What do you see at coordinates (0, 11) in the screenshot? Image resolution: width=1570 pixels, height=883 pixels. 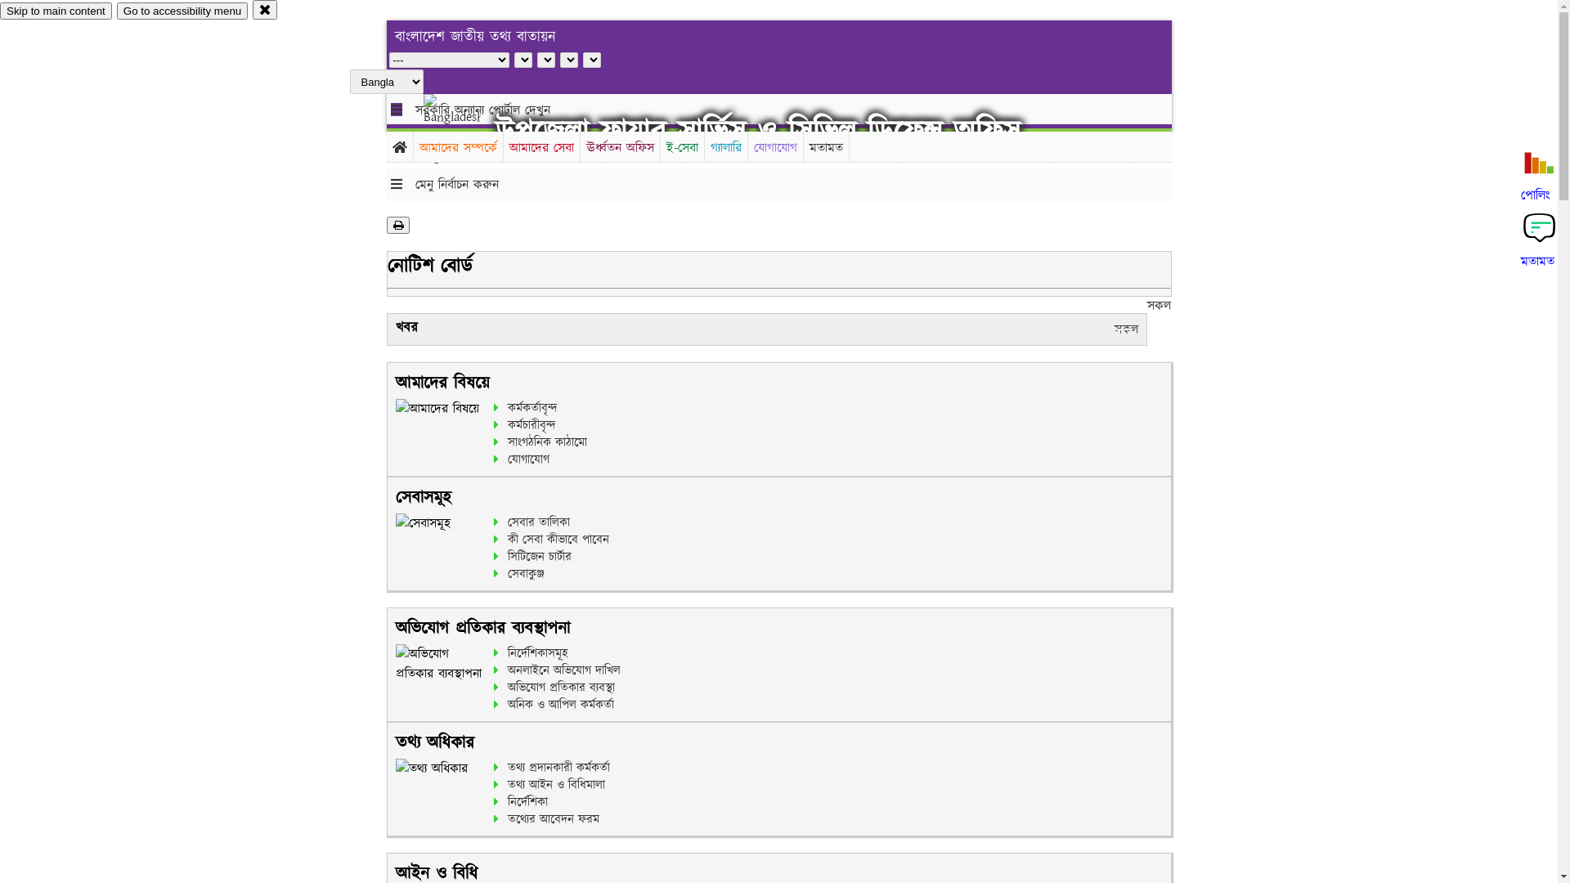 I see `'Skip to main content'` at bounding box center [0, 11].